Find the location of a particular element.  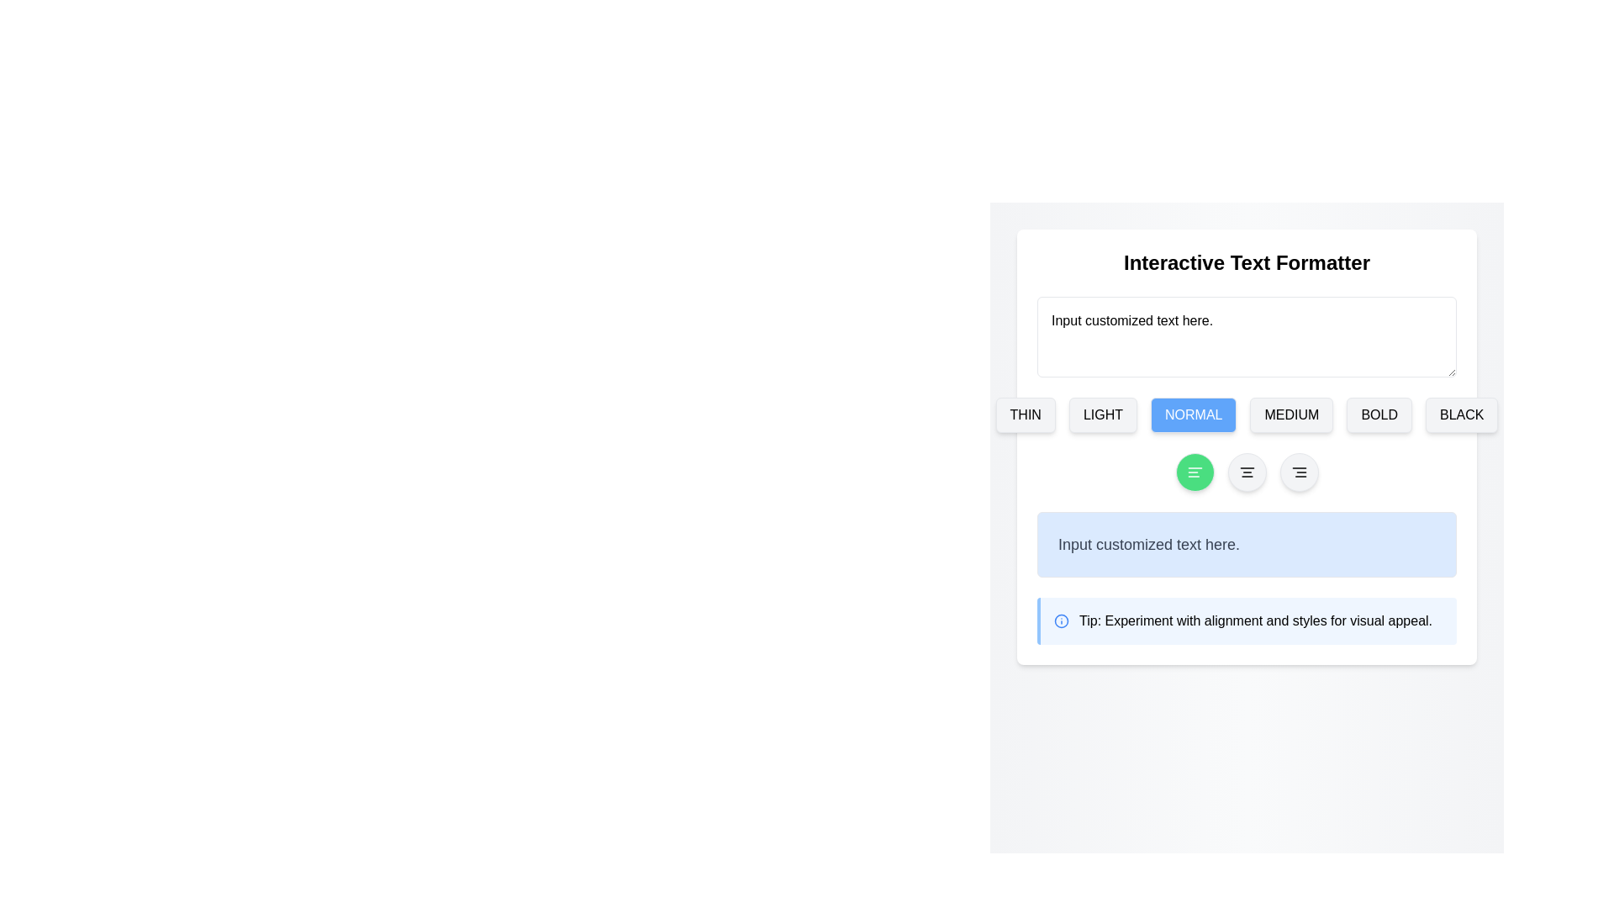

the 'NORMAL' text weight button, which is the third button in a horizontal group located below the 'Interactive Text Formatter' input field is located at coordinates (1193, 414).